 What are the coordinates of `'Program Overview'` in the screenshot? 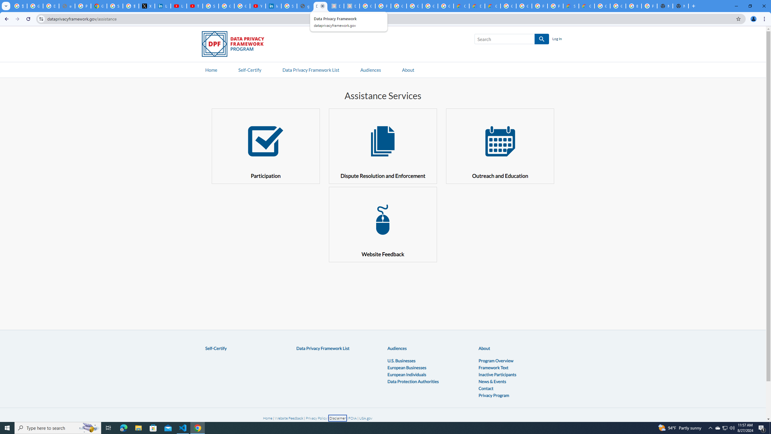 It's located at (496, 360).